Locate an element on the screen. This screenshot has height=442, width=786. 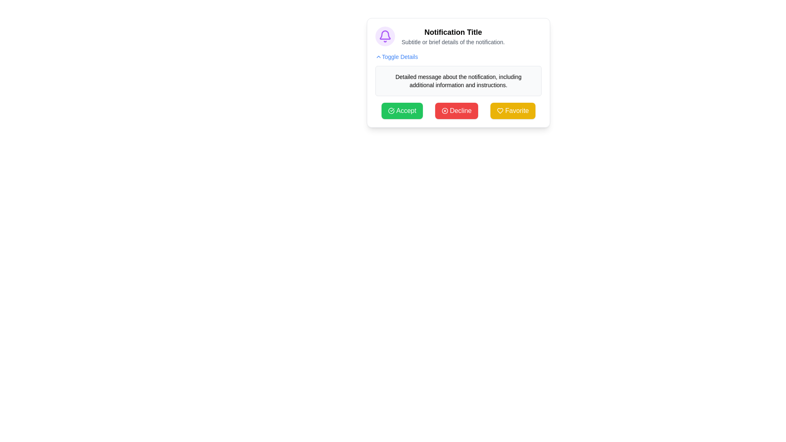
the heart-shaped icon with an outlined design in yellow, located within the 'Favorite' button at the bottom right of the notification card is located at coordinates (500, 110).